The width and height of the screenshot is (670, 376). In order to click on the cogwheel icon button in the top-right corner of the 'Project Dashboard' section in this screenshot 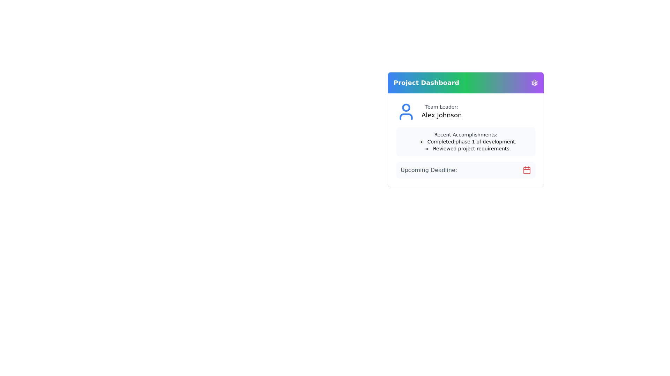, I will do `click(534, 83)`.